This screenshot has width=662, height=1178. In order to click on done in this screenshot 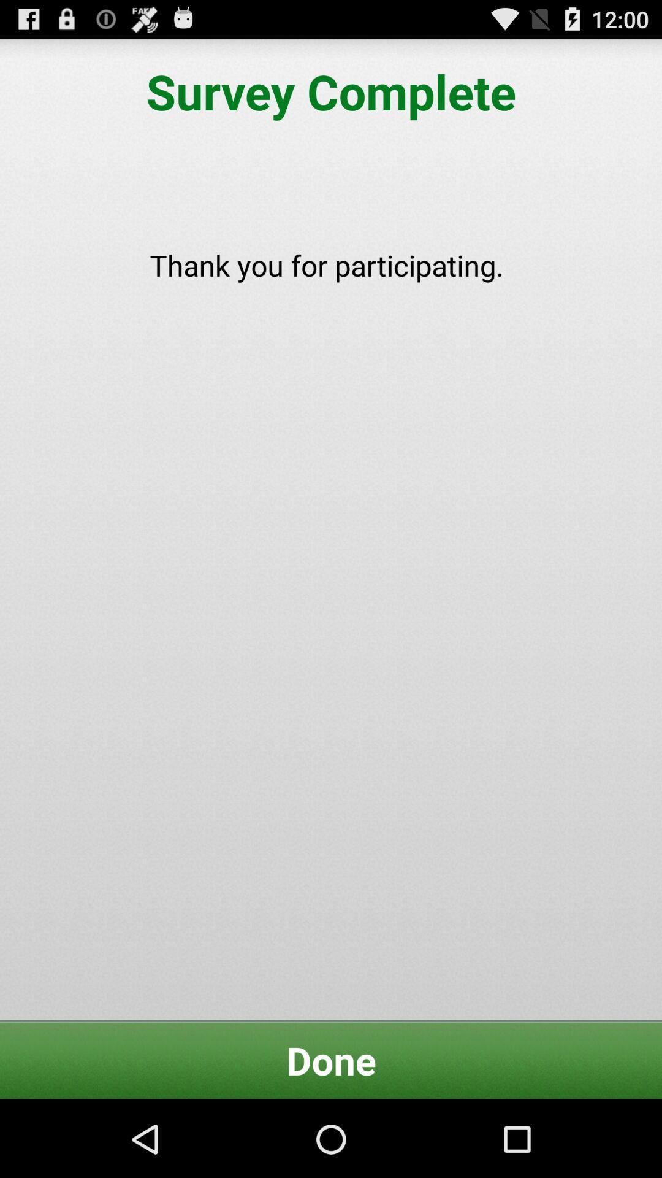, I will do `click(331, 1060)`.